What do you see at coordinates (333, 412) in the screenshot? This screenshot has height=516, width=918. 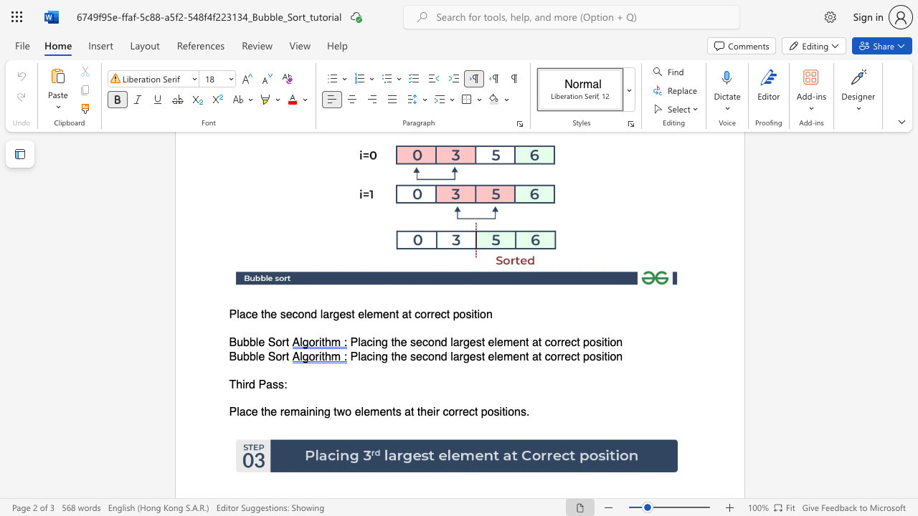 I see `the subset text "two elements at their corr" within the text "Place the remaining two elements at their correct positions."` at bounding box center [333, 412].